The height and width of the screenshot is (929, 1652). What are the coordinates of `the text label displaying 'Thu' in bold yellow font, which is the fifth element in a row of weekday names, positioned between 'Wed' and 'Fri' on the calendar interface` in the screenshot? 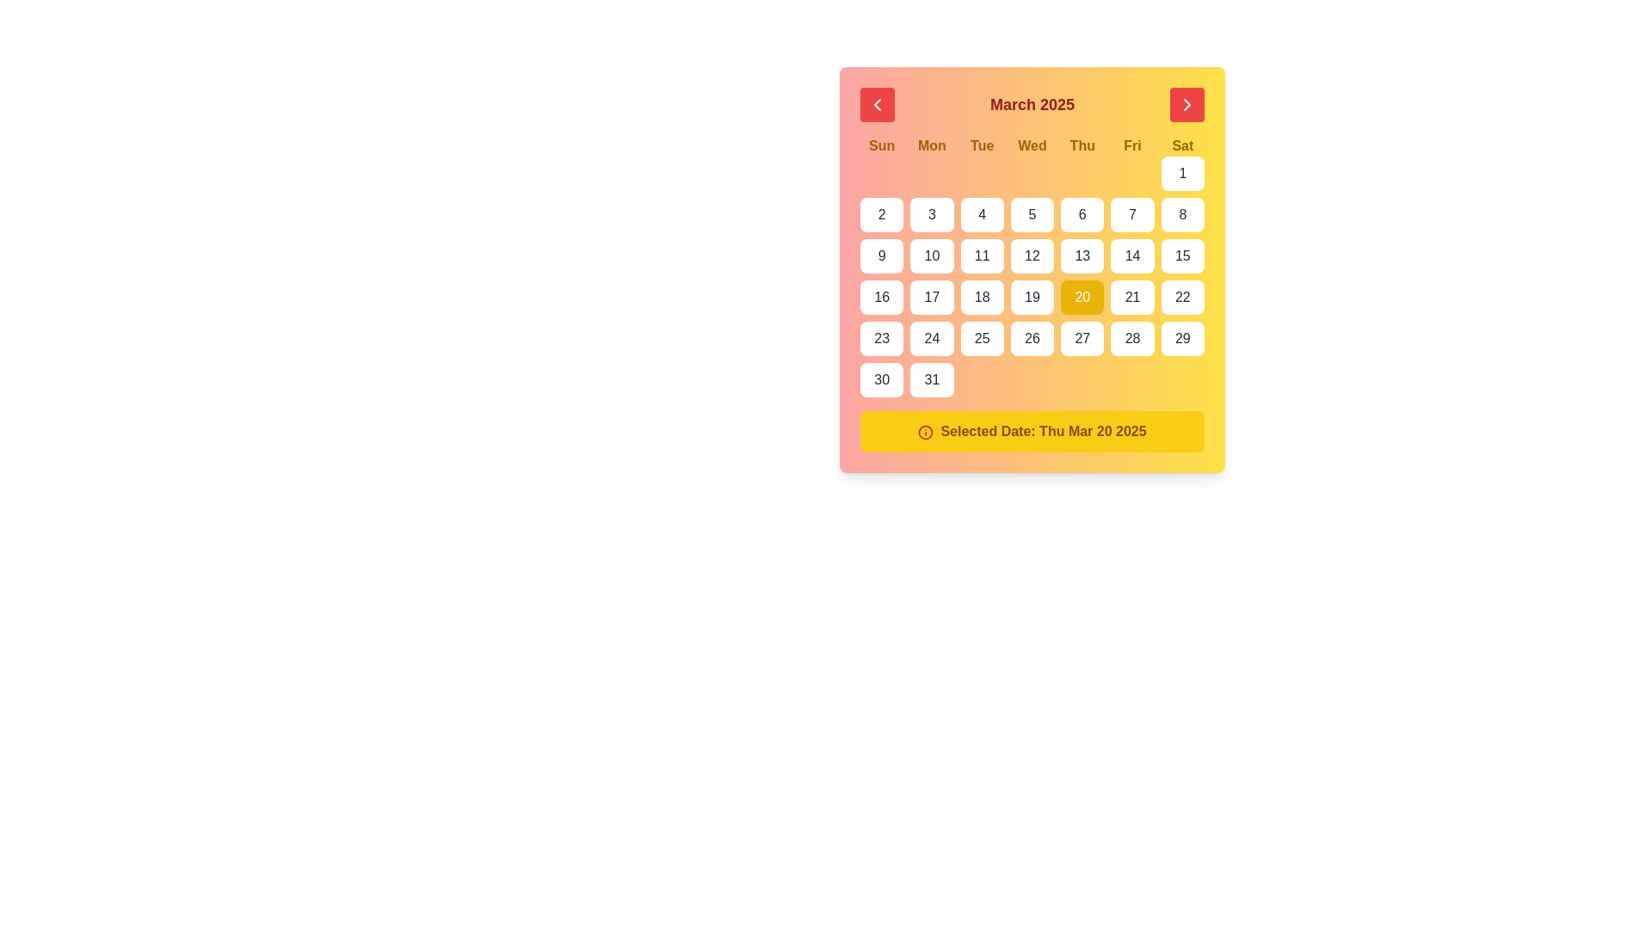 It's located at (1082, 145).